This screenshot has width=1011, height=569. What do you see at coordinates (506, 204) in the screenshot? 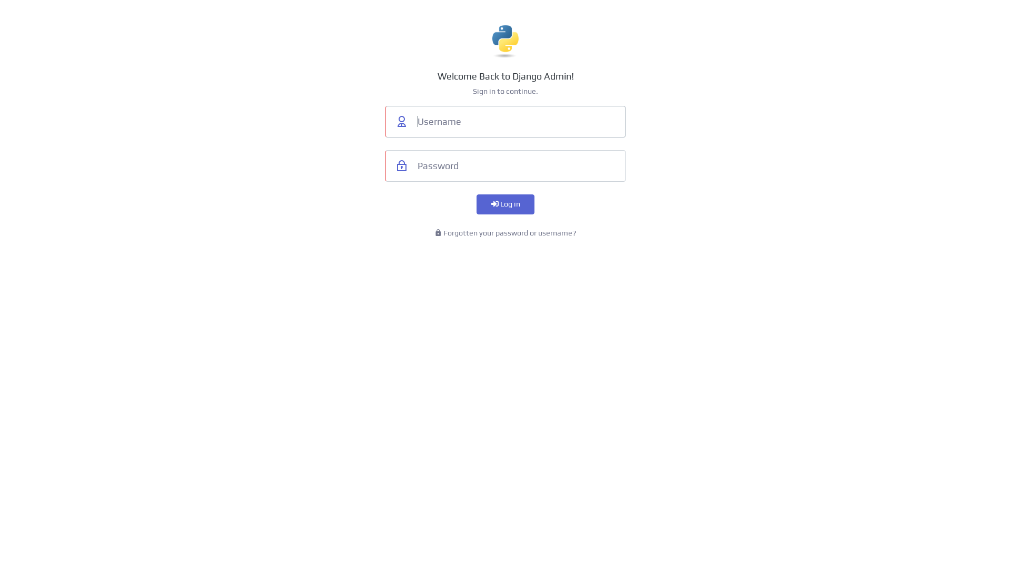
I see `'Log in'` at bounding box center [506, 204].